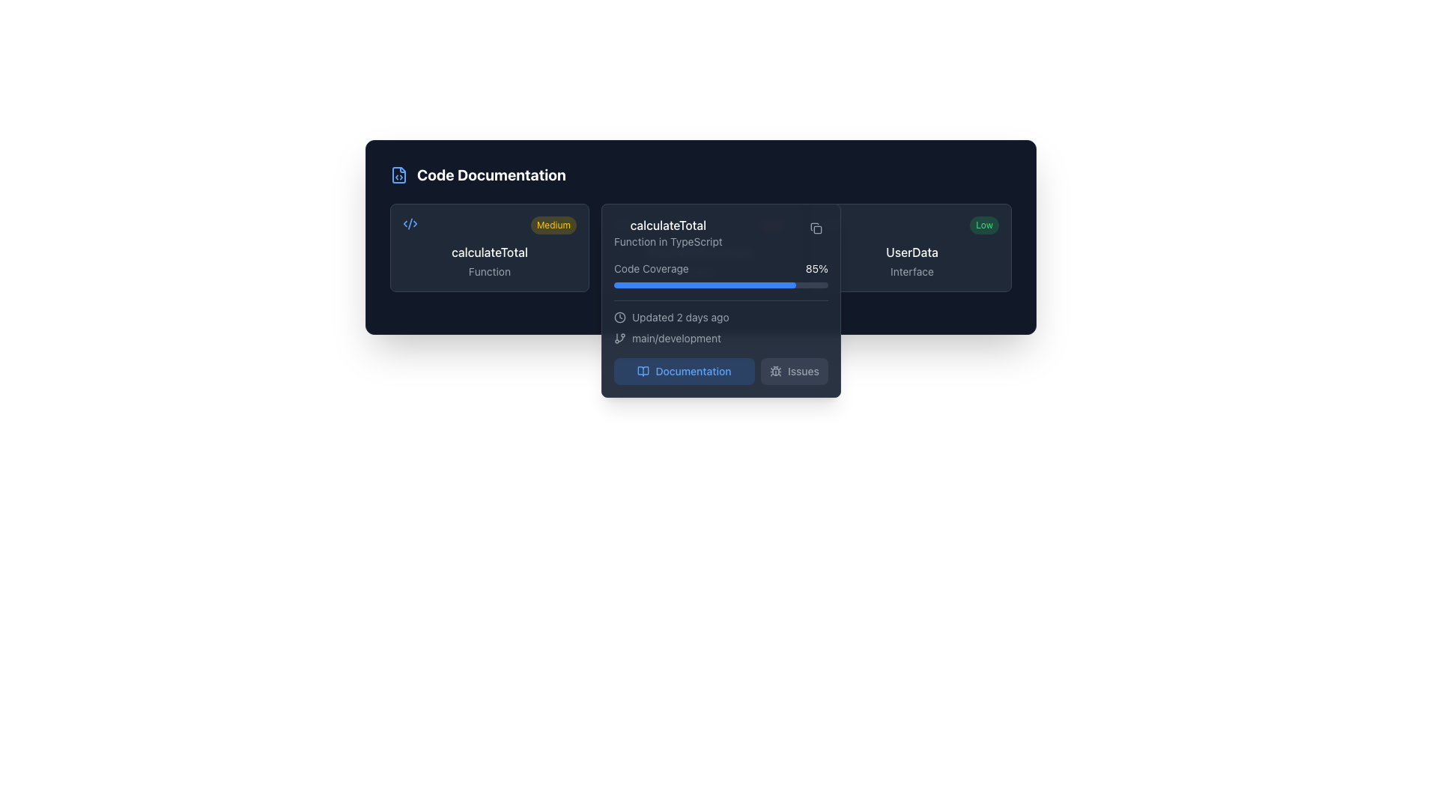  What do you see at coordinates (815, 228) in the screenshot?
I see `the interactive icon button located at the top-right corner of the panel related to the 'calculateTotal' function to copy content` at bounding box center [815, 228].